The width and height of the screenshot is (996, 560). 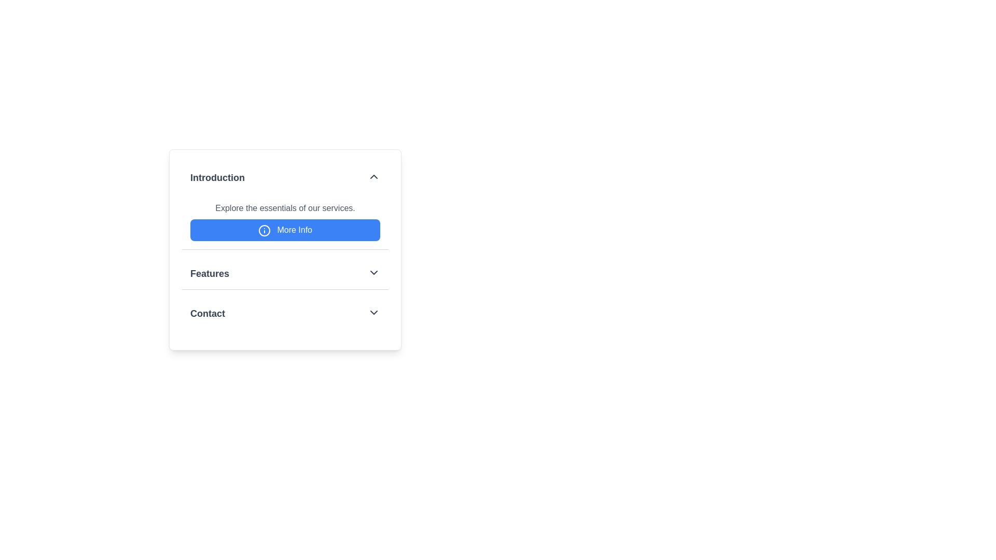 What do you see at coordinates (374, 272) in the screenshot?
I see `the downwards-facing chevron arrow icon next to the 'Features' section label` at bounding box center [374, 272].